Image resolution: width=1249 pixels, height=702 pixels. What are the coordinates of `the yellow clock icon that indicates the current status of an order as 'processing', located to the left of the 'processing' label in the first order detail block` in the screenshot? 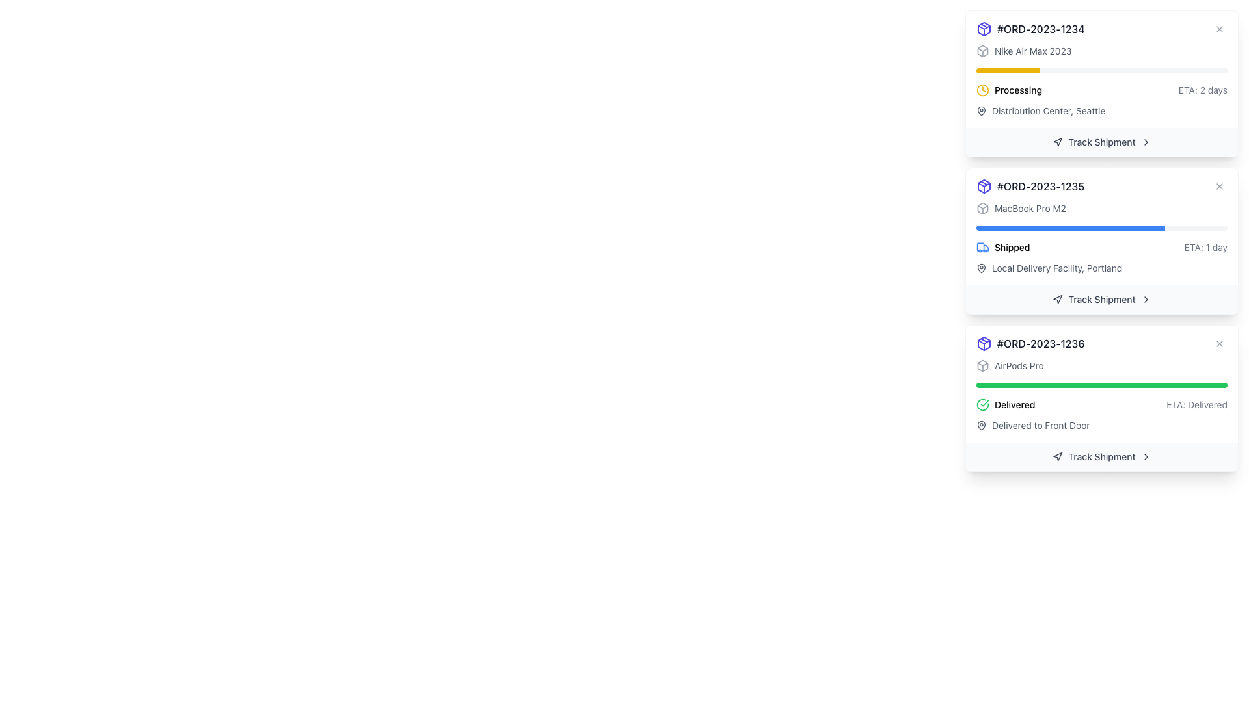 It's located at (983, 89).